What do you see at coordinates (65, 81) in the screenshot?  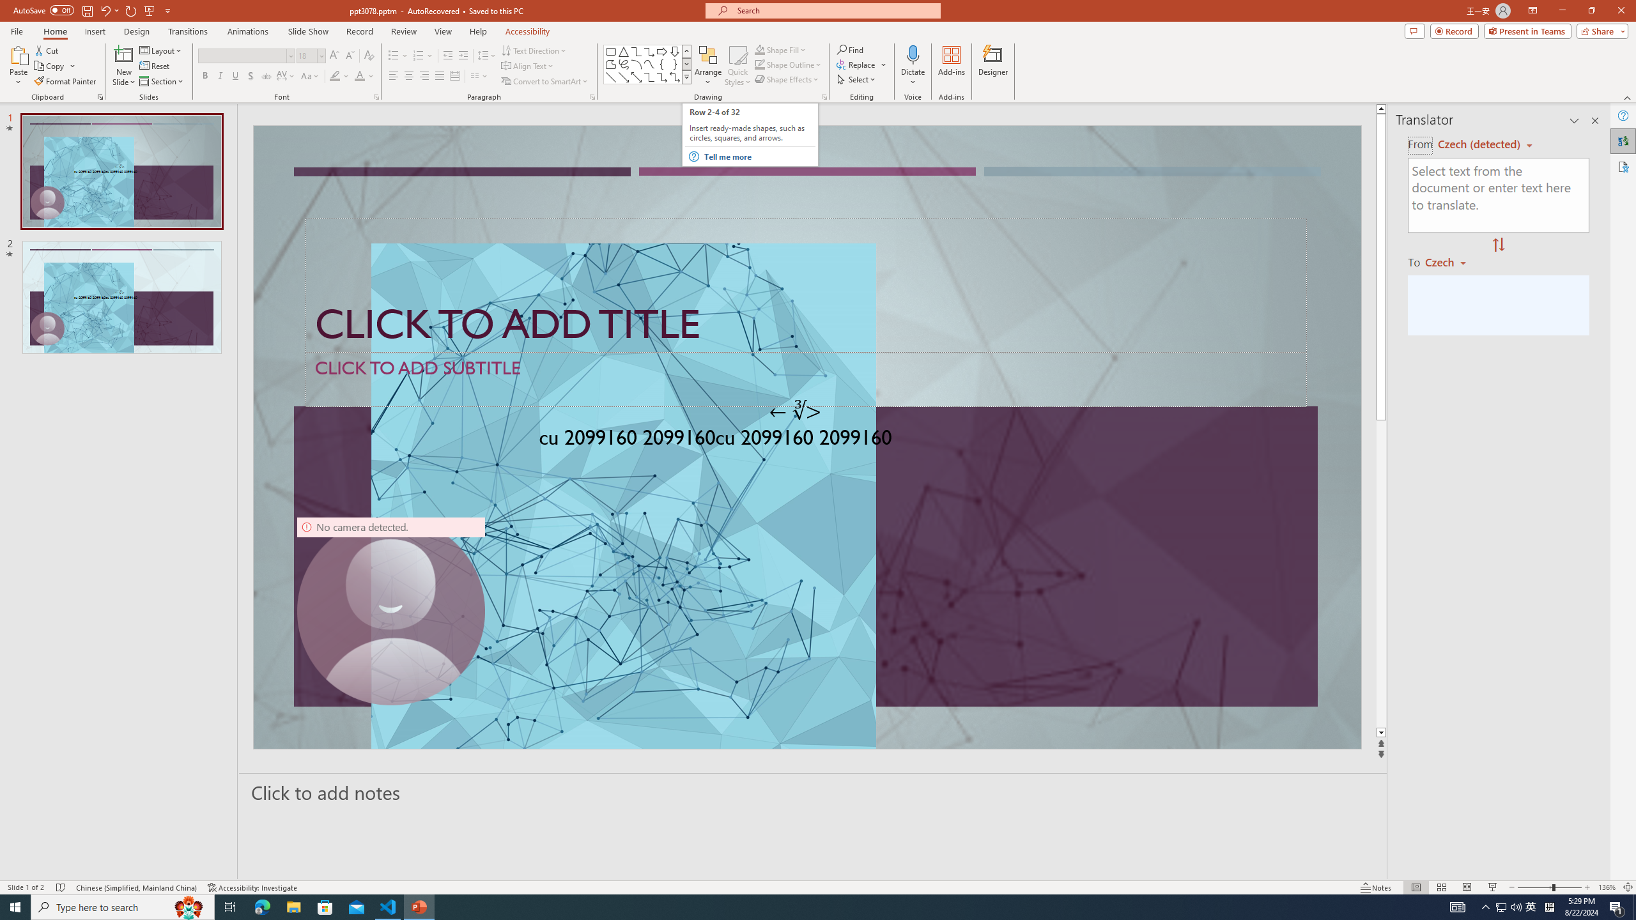 I see `'Format Painter'` at bounding box center [65, 81].